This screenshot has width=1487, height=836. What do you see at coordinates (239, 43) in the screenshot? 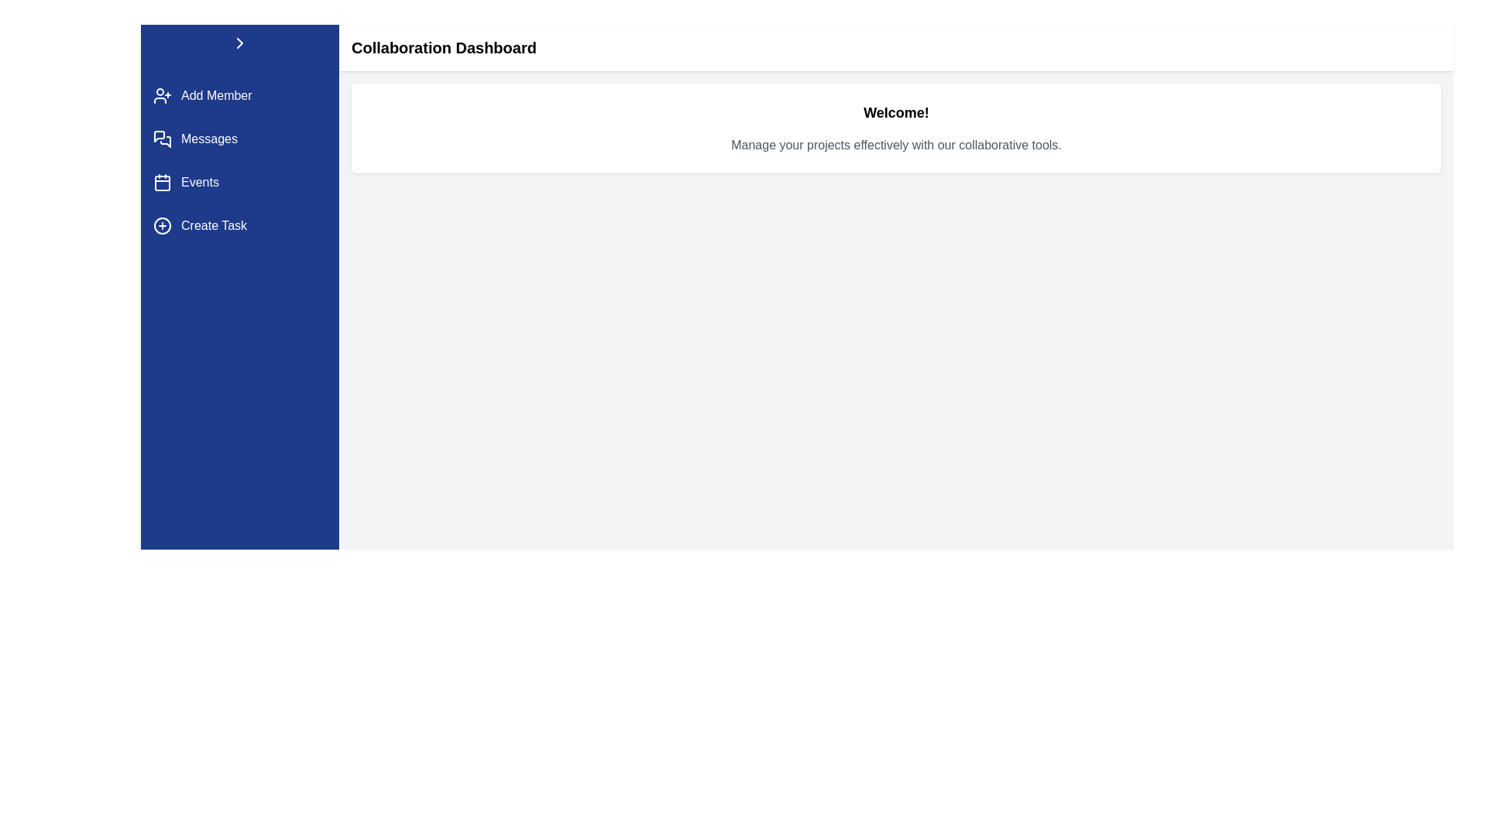
I see `the right-facing chevron icon button located at the top of the vertical navigation bar` at bounding box center [239, 43].